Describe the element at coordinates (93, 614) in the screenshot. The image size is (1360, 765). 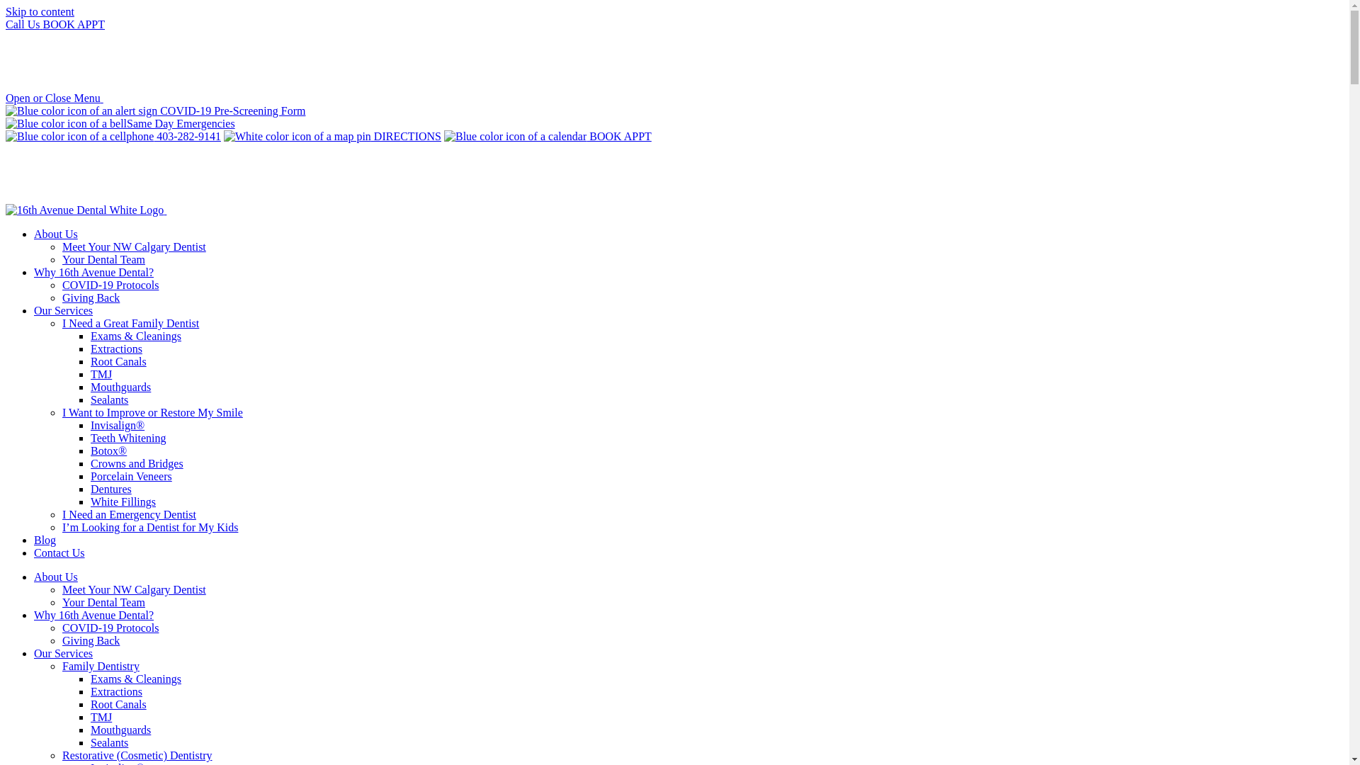
I see `'Why 16th Avenue Dental?'` at that location.